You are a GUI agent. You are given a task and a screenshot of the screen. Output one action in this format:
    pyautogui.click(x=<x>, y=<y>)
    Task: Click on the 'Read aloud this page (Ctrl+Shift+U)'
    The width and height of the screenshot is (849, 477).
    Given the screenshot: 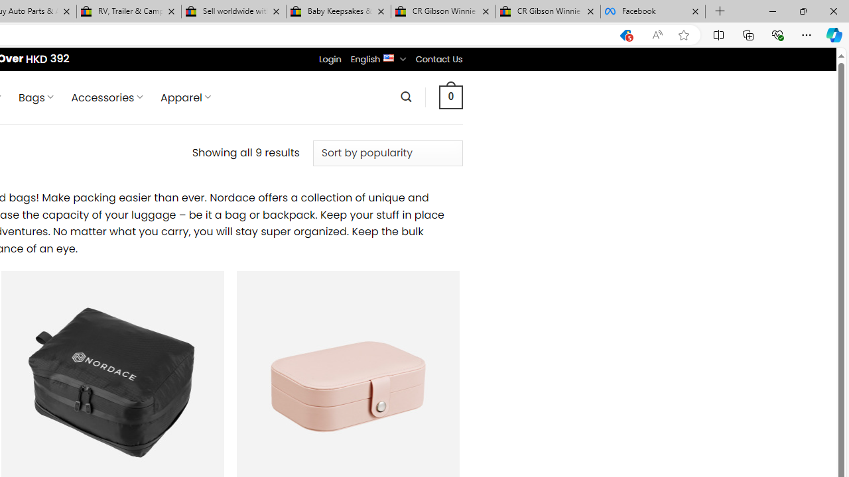 What is the action you would take?
    pyautogui.click(x=657, y=34)
    